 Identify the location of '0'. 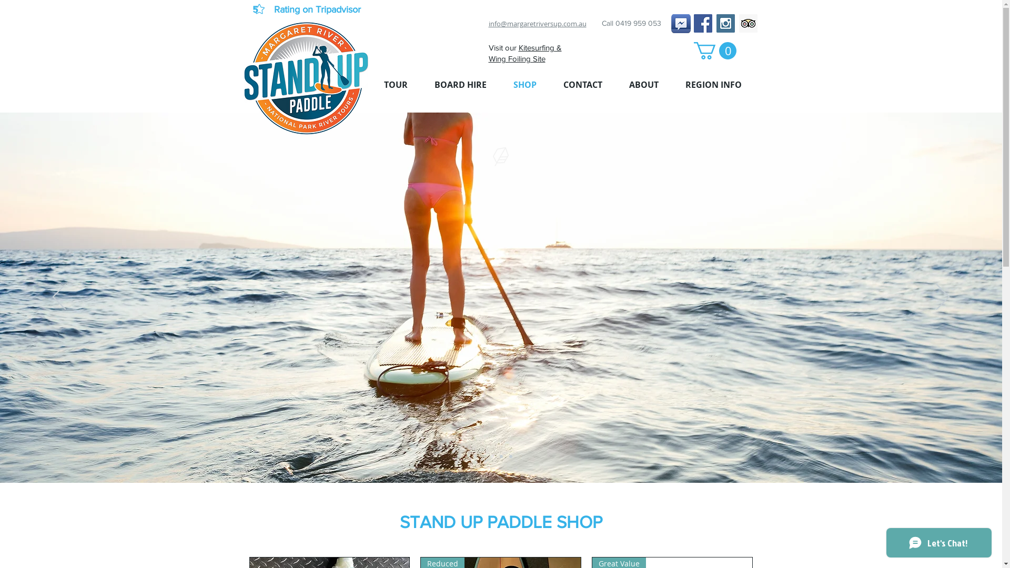
(693, 50).